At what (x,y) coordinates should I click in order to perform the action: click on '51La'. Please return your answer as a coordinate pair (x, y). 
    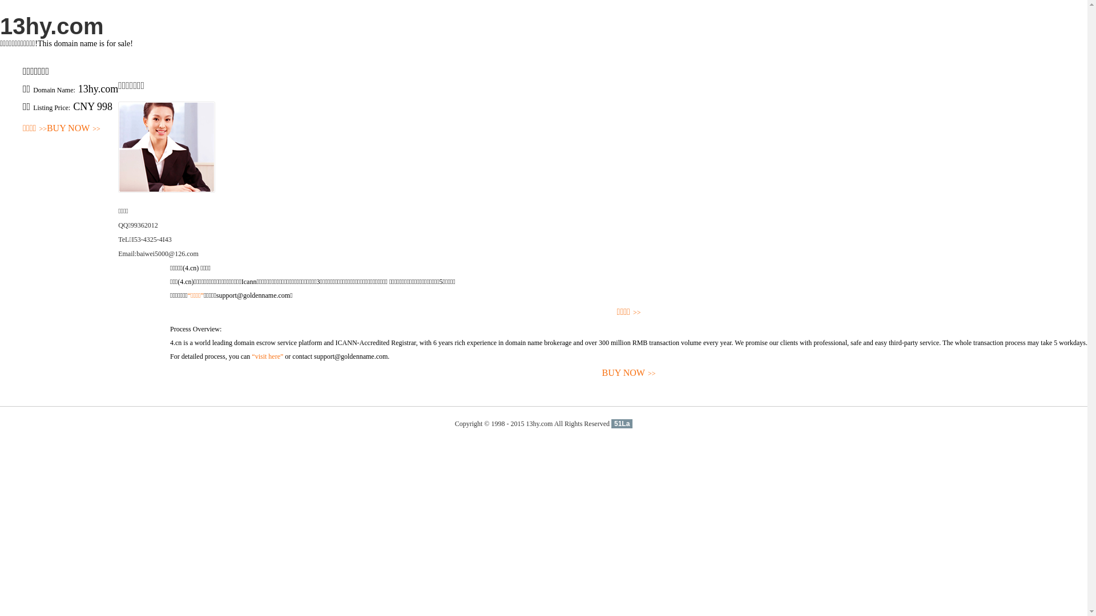
    Looking at the image, I should click on (621, 424).